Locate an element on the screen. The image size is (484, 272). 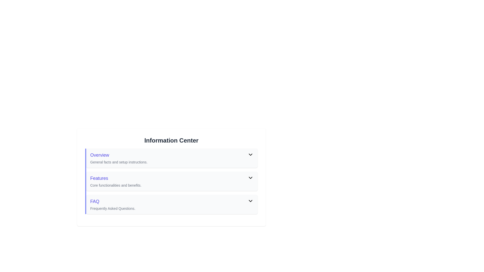
the downward-pointing chevron icon located at the right end of the 'FAQ' accordion section is located at coordinates (250, 201).